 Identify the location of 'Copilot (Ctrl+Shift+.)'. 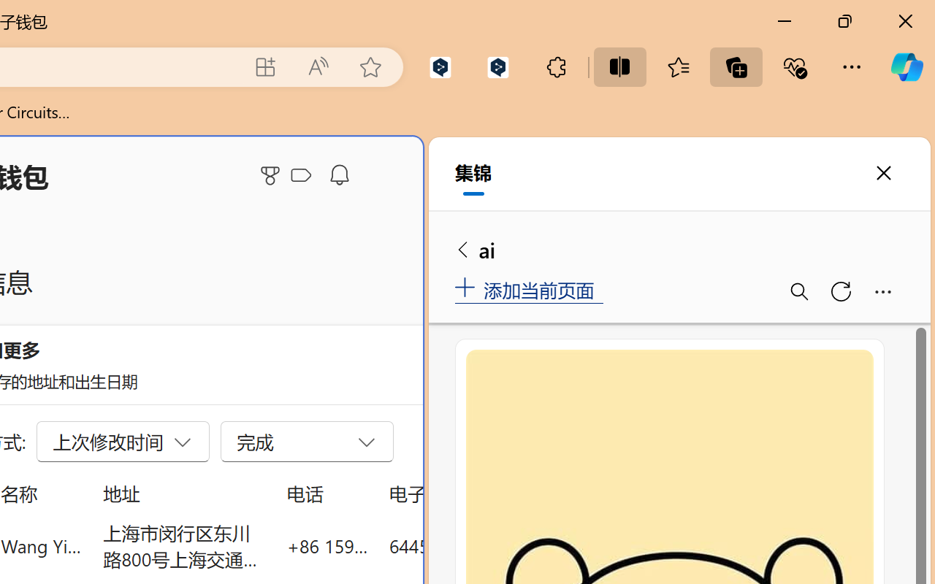
(906, 66).